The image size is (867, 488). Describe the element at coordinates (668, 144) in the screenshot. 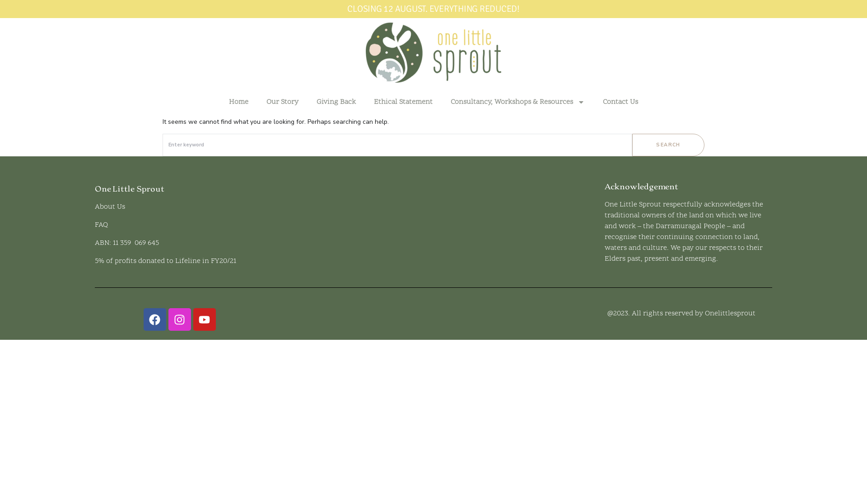

I see `'SEARCH'` at that location.